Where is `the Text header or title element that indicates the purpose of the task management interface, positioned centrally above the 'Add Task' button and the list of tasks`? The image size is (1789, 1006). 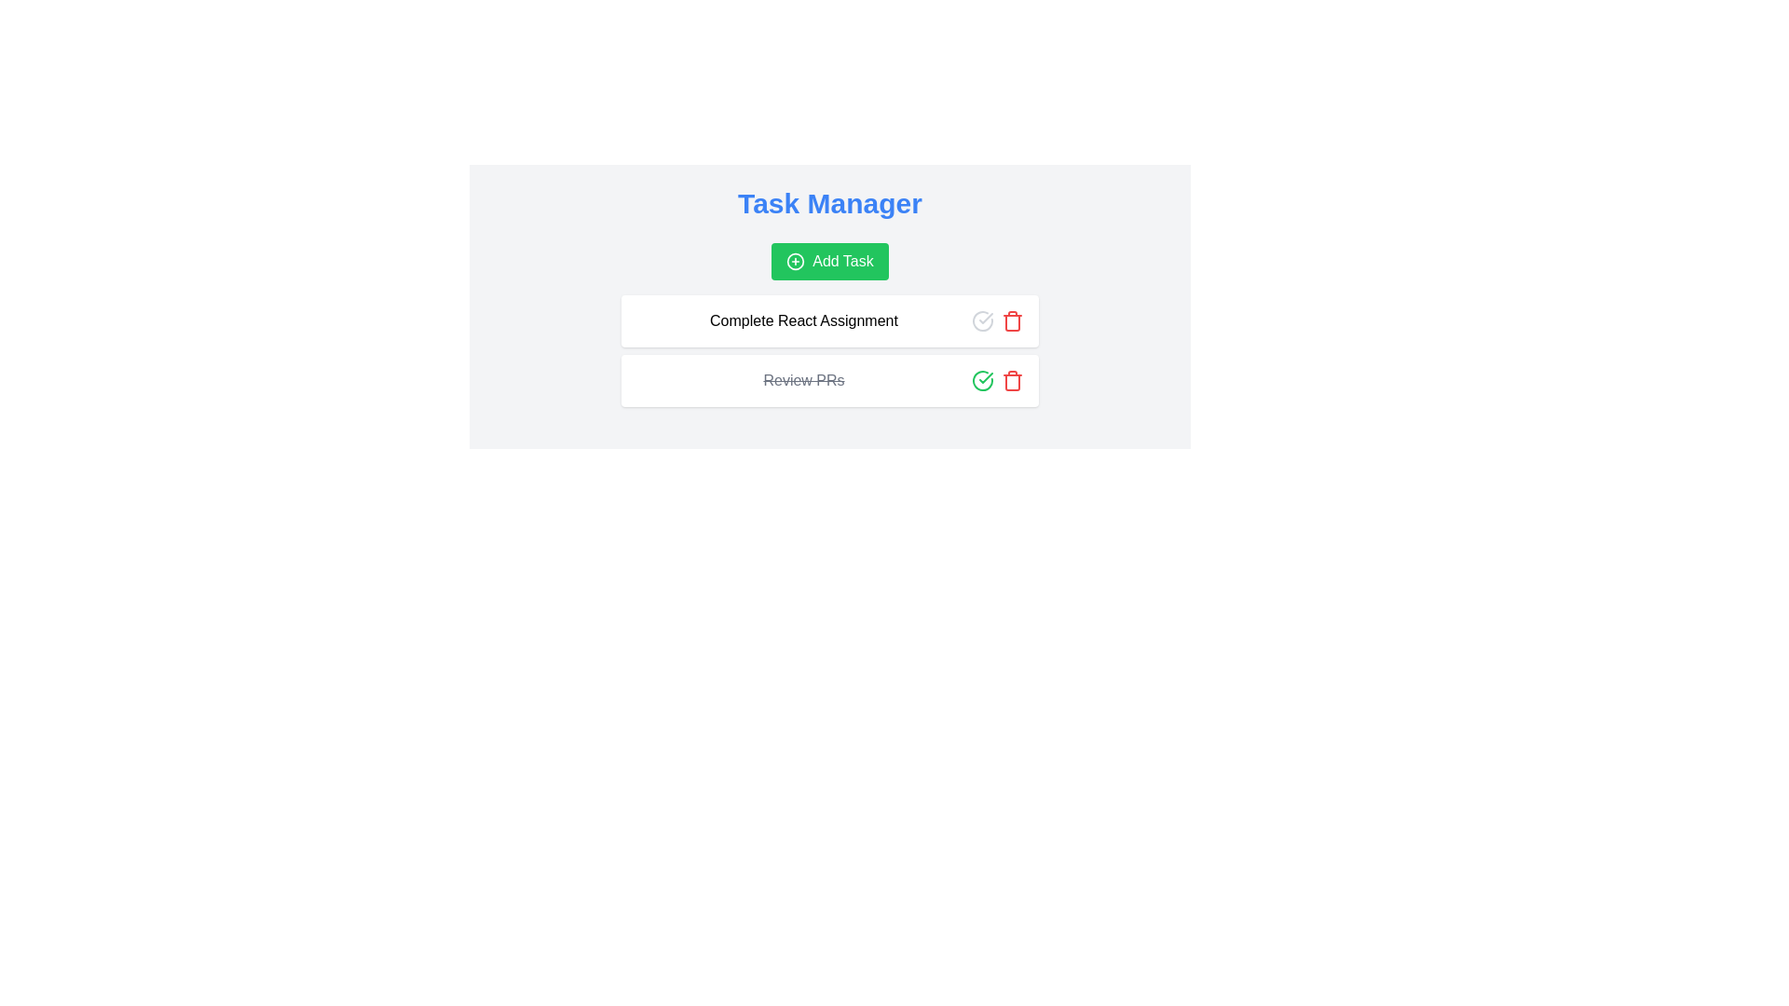 the Text header or title element that indicates the purpose of the task management interface, positioned centrally above the 'Add Task' button and the list of tasks is located at coordinates (829, 204).